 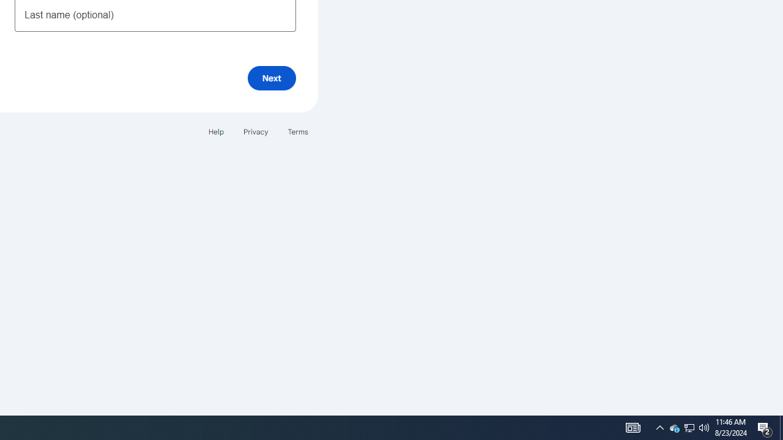 What do you see at coordinates (271, 78) in the screenshot?
I see `'Next'` at bounding box center [271, 78].